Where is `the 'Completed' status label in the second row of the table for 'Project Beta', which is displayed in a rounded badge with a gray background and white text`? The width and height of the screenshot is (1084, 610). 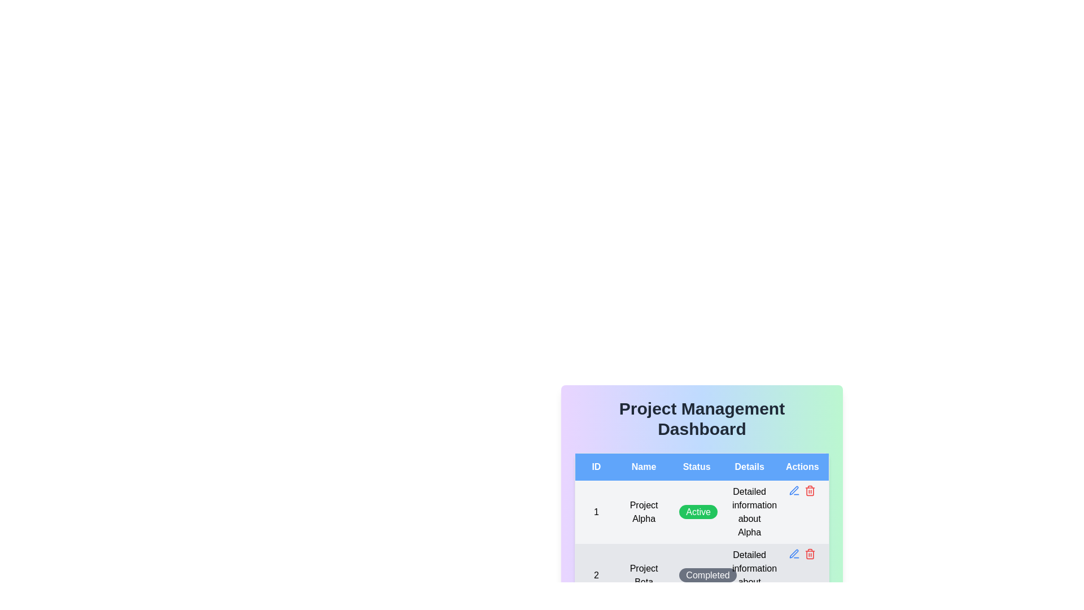 the 'Completed' status label in the second row of the table for 'Project Beta', which is displayed in a rounded badge with a gray background and white text is located at coordinates (701, 575).